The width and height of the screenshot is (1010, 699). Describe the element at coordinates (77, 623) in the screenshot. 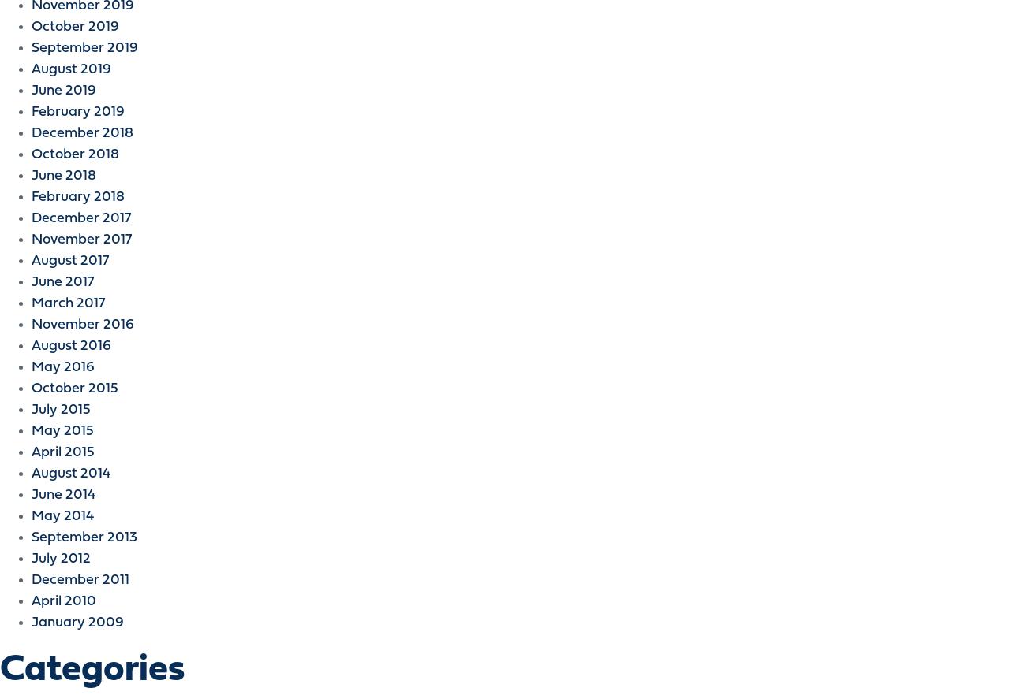

I see `'January 2009'` at that location.